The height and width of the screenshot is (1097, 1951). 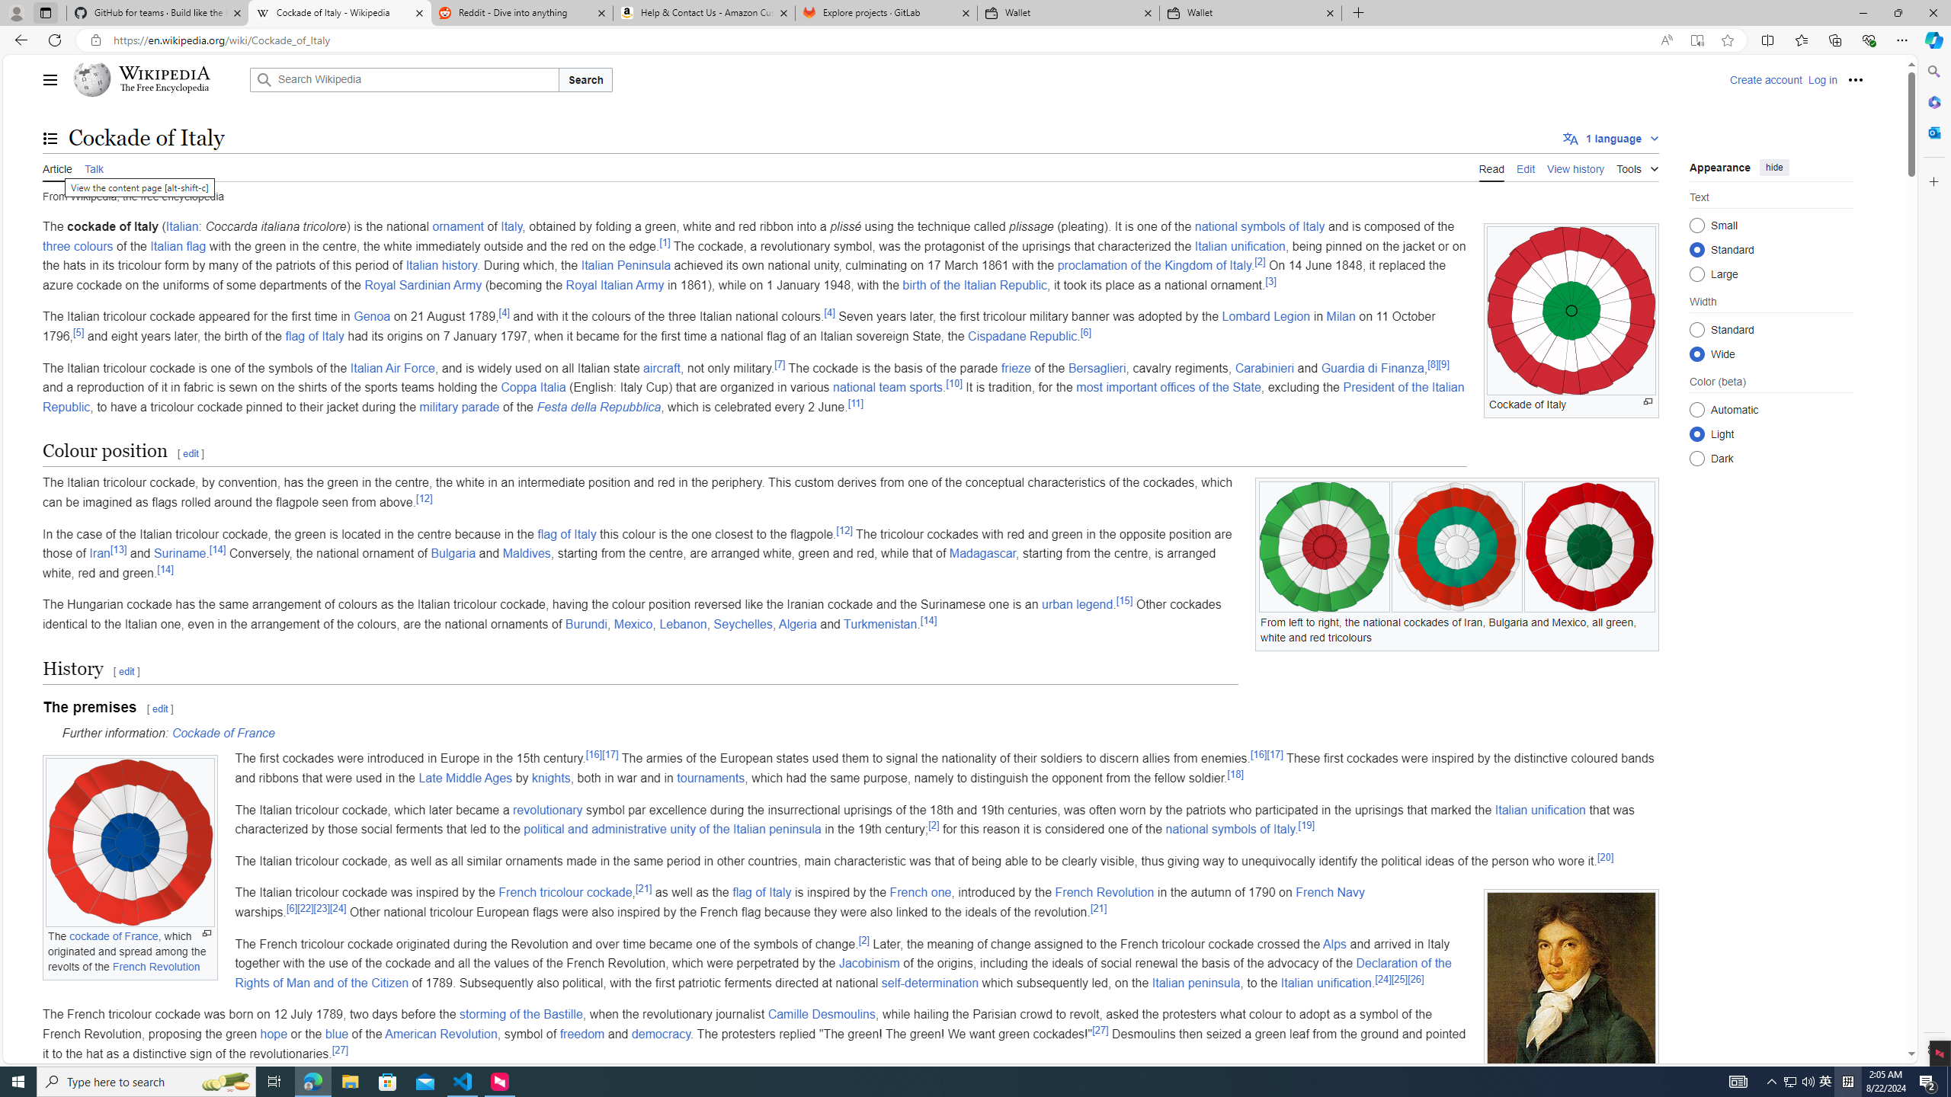 I want to click on 'Italian peninsula', so click(x=1196, y=983).